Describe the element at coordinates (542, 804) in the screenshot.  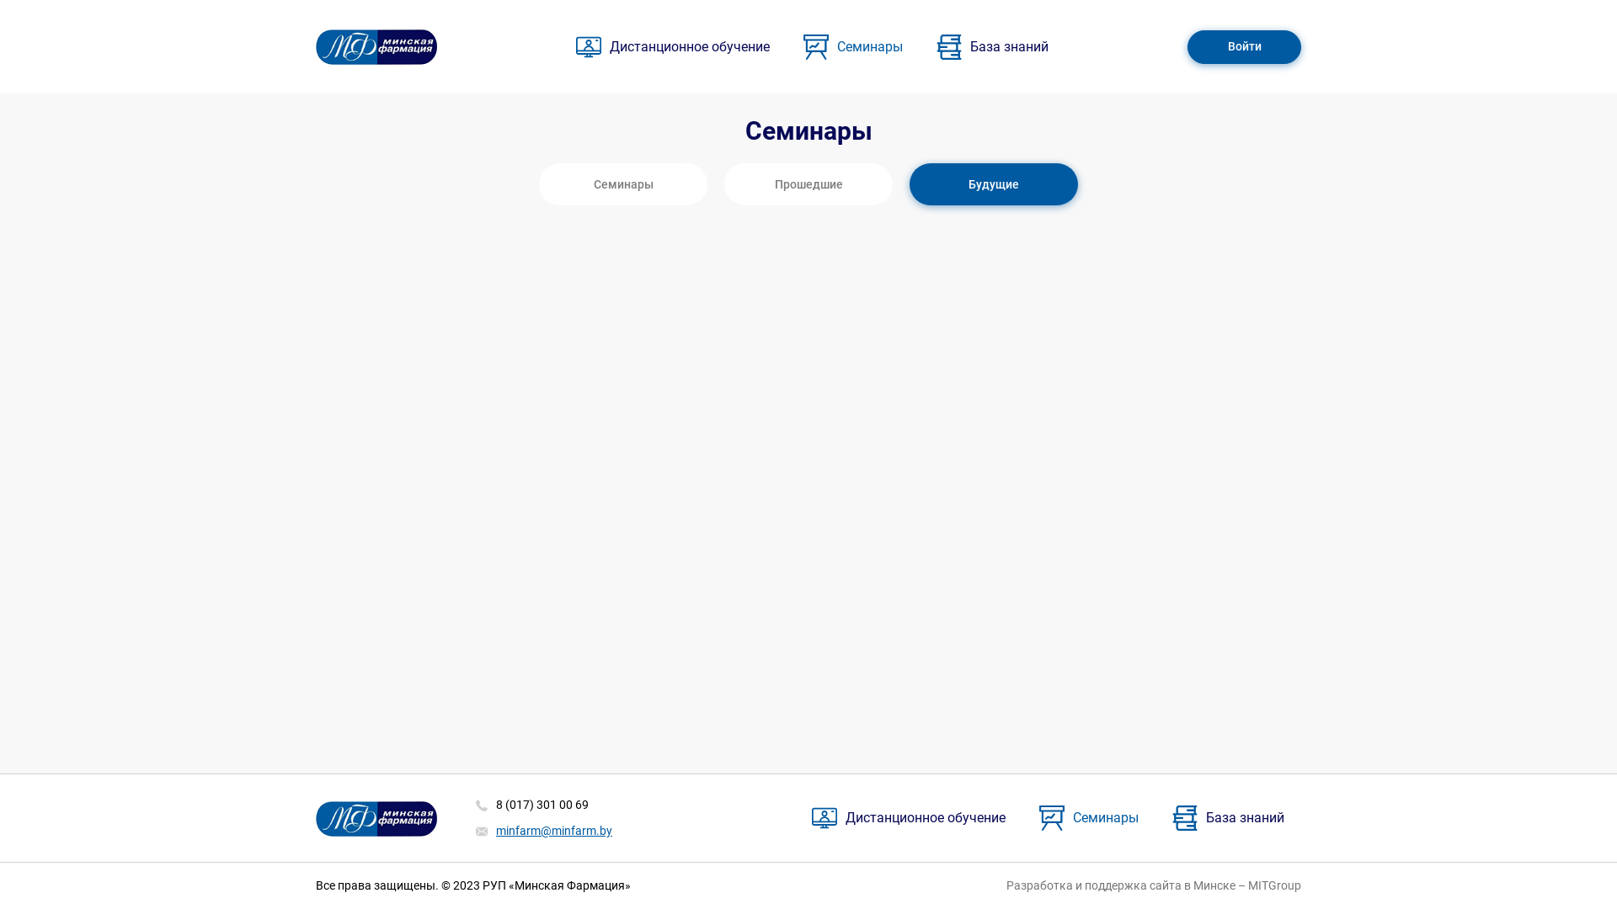
I see `'8 (017) 301 00 69'` at that location.